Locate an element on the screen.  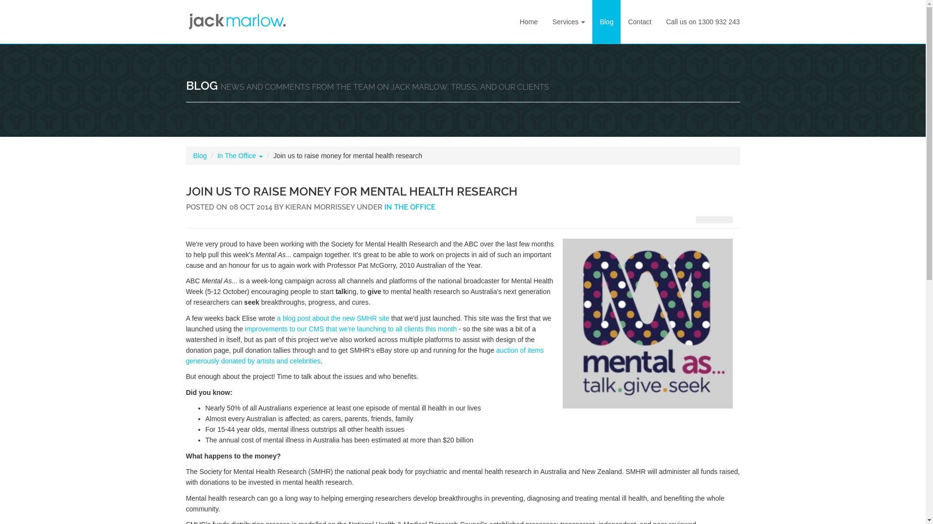
'Contact' is located at coordinates (639, 22).